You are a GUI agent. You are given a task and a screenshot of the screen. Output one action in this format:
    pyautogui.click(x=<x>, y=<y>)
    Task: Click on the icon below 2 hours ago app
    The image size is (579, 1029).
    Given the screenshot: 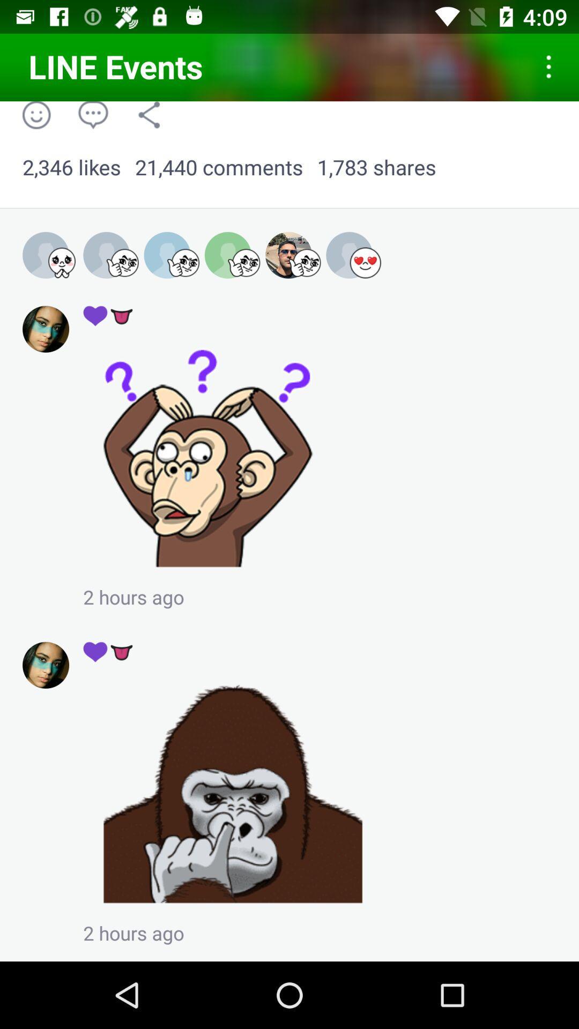 What is the action you would take?
    pyautogui.click(x=108, y=651)
    